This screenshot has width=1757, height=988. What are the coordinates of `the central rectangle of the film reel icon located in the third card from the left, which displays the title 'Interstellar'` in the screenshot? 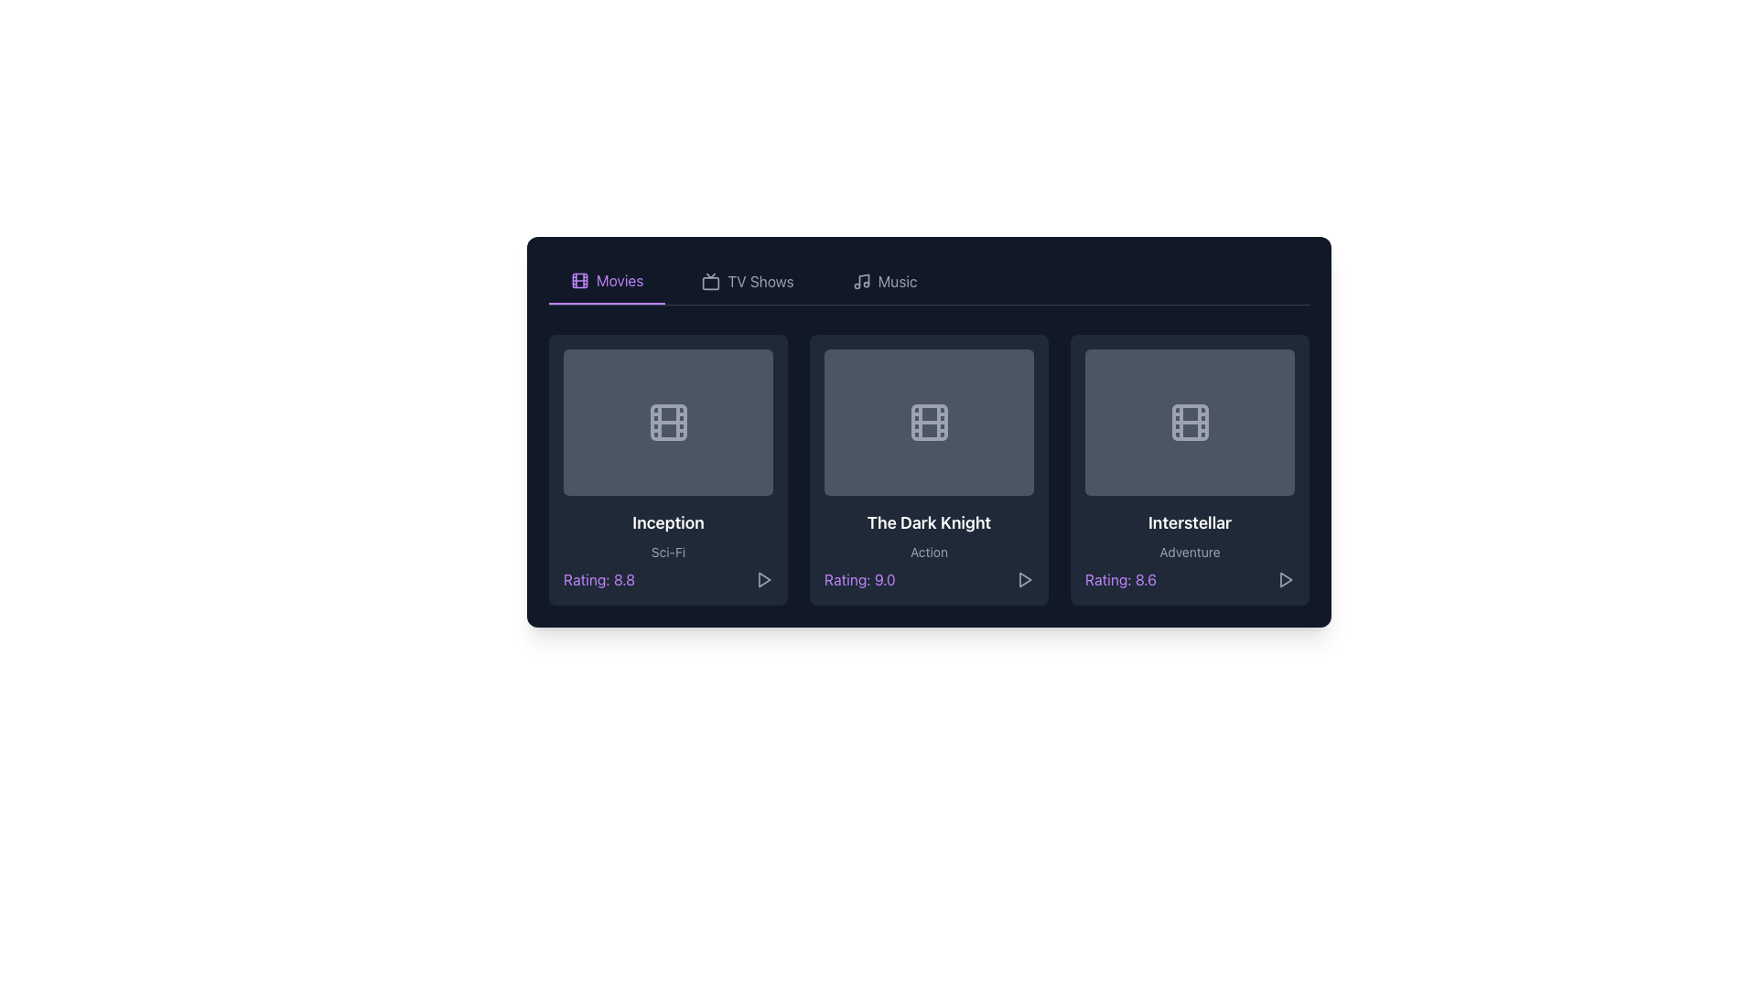 It's located at (1190, 423).